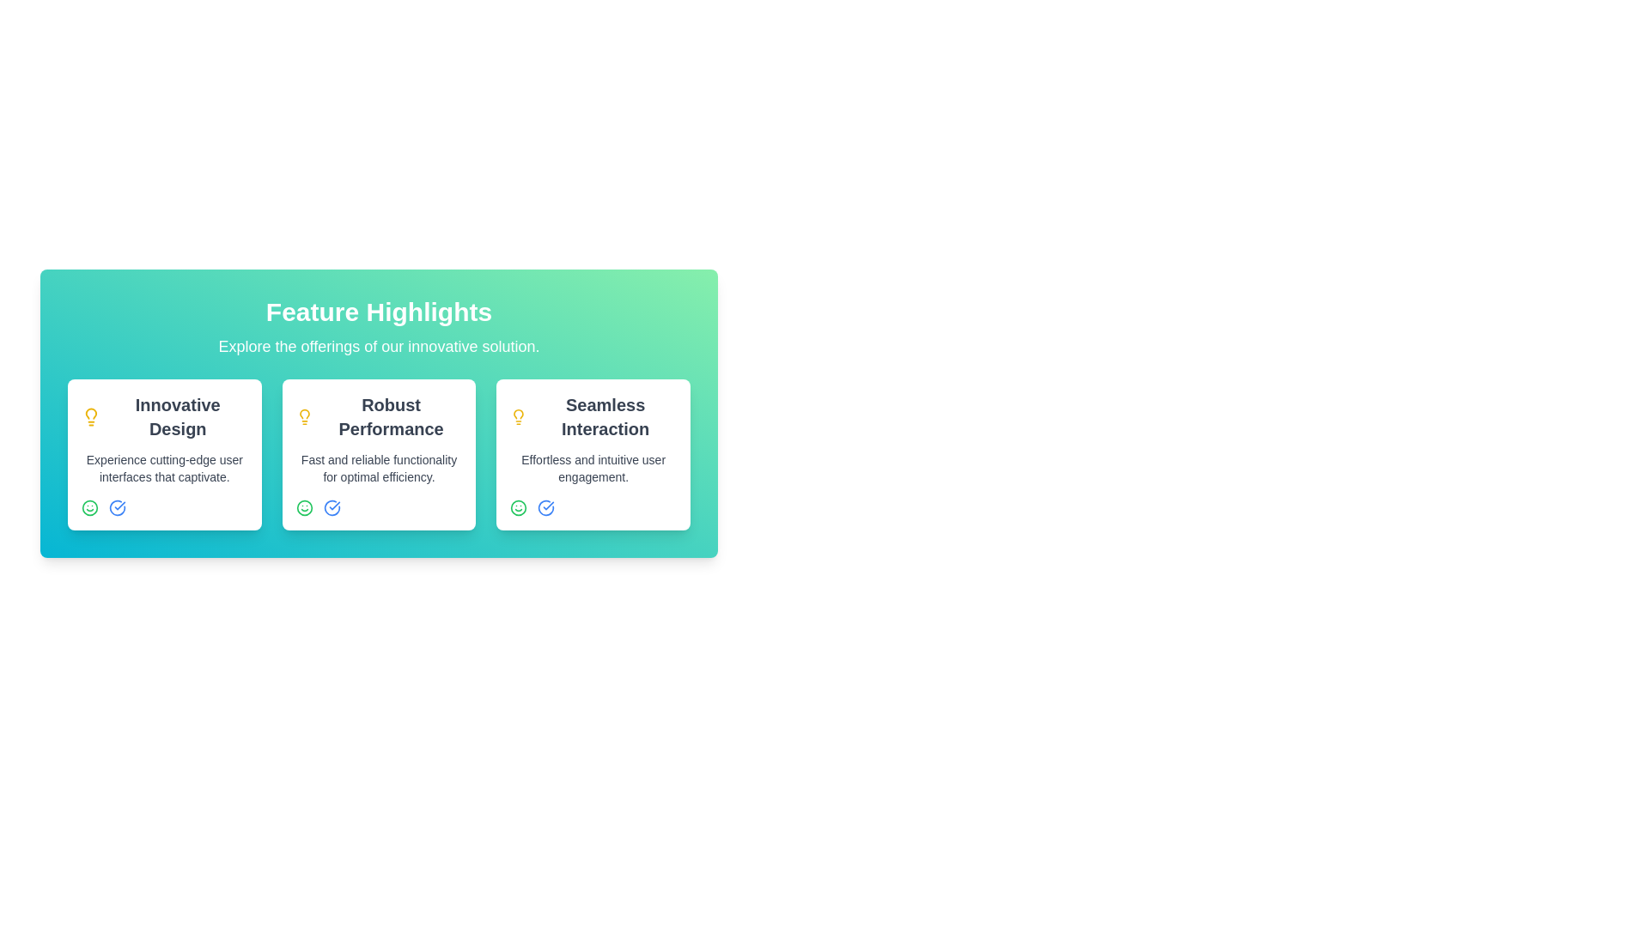 This screenshot has height=927, width=1649. Describe the element at coordinates (332, 506) in the screenshot. I see `the decorative icon representing the 'Robust Performance' feature, located below the main text content within its card` at that location.